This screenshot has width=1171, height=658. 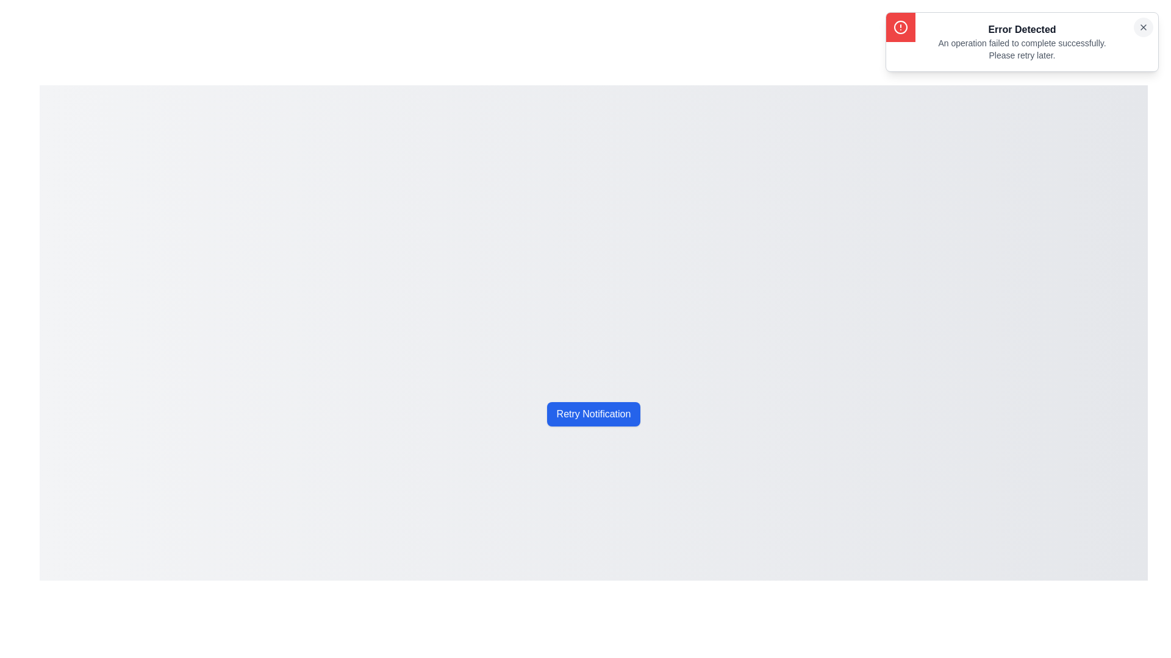 I want to click on the 'Retry Notification' button to retry the notification, so click(x=593, y=413).